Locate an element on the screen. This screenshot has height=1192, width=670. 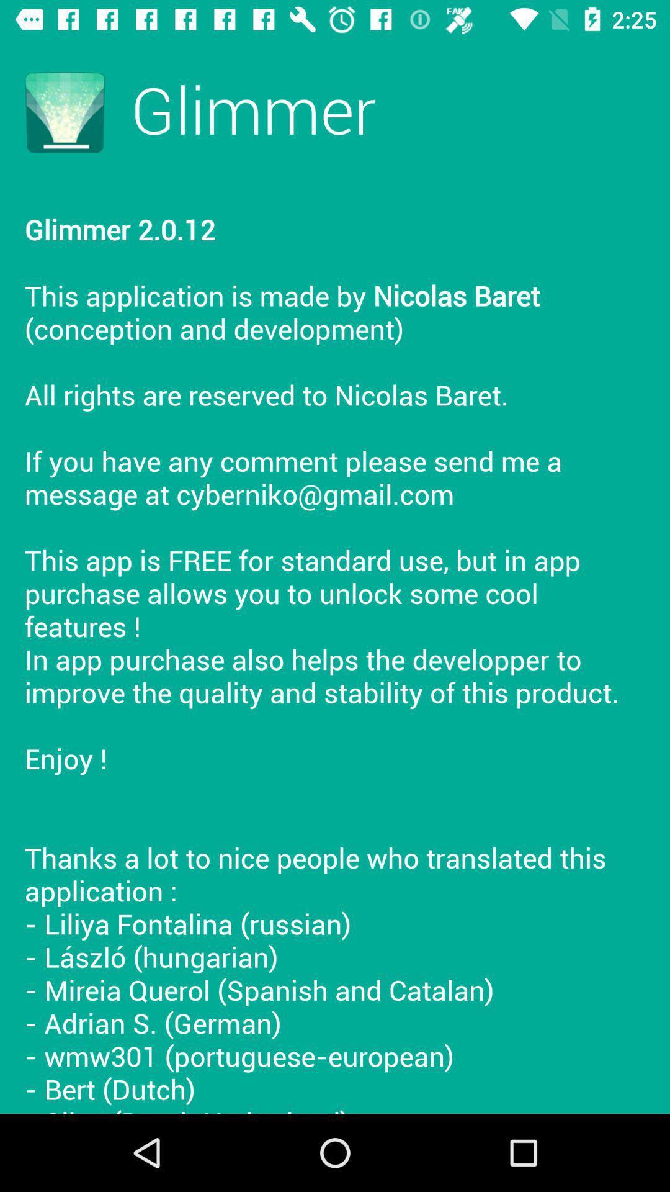
the icon at the center is located at coordinates (335, 649).